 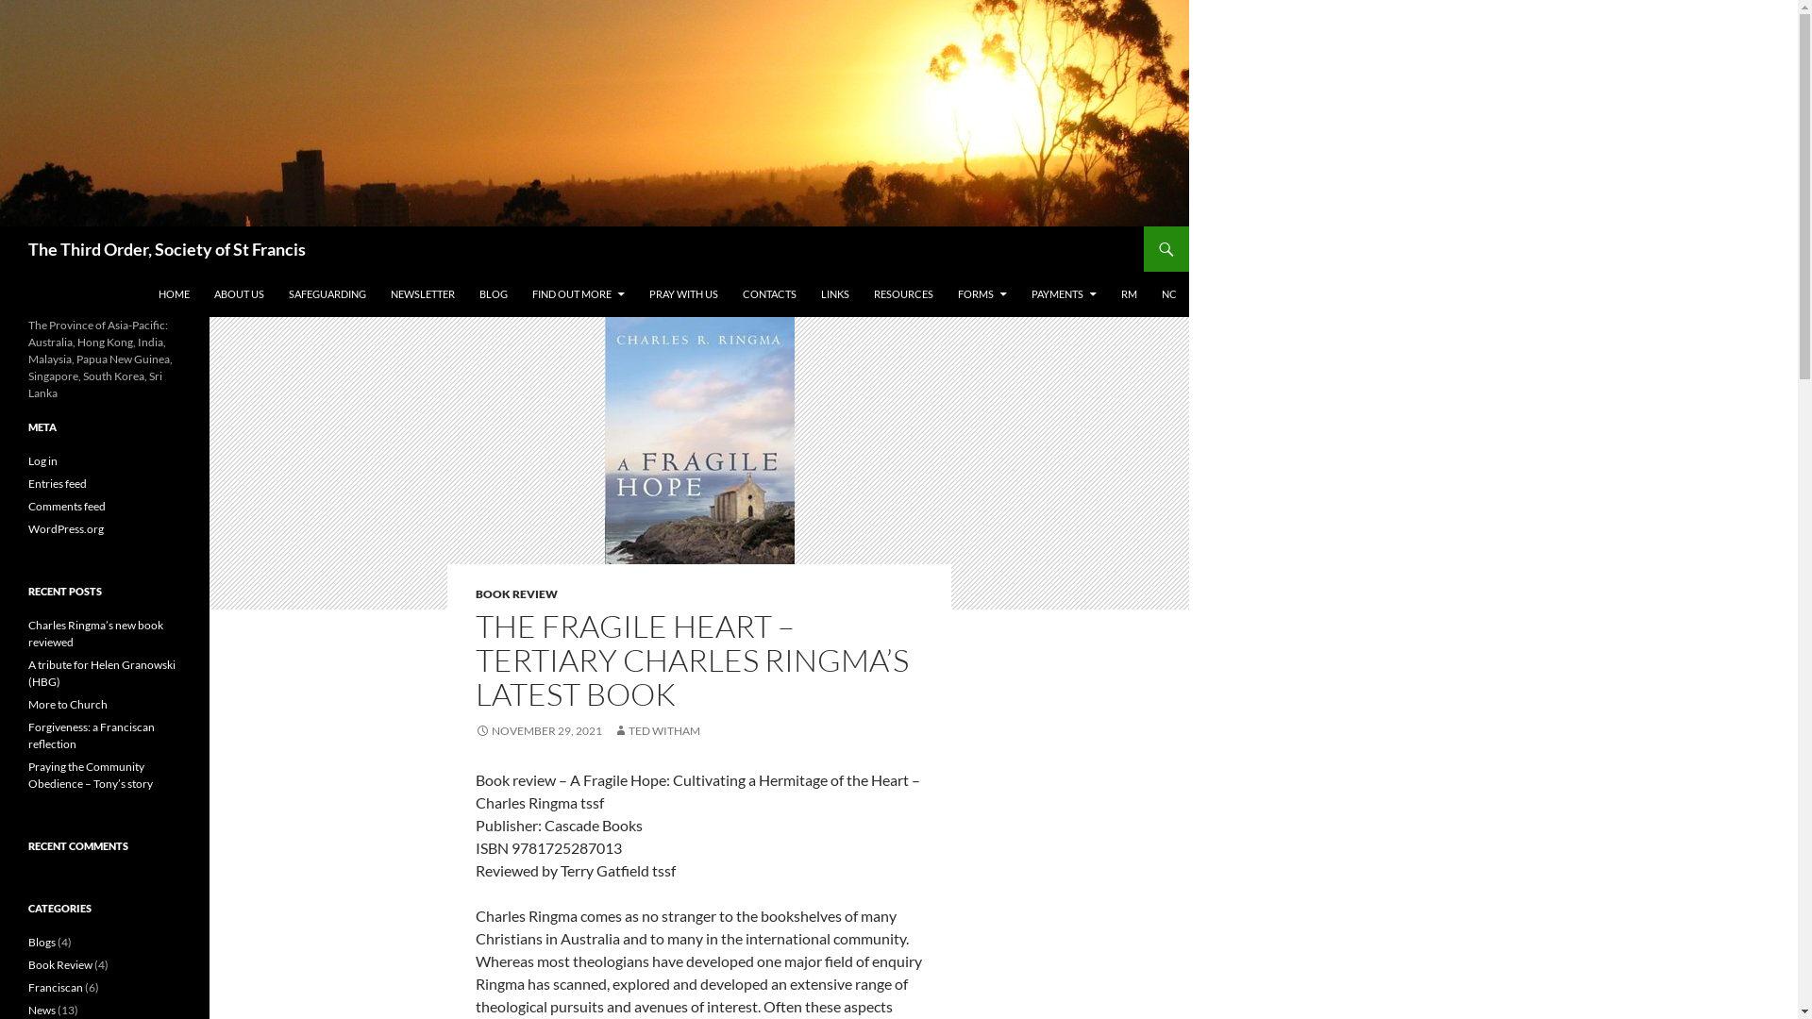 What do you see at coordinates (174, 294) in the screenshot?
I see `'HOME'` at bounding box center [174, 294].